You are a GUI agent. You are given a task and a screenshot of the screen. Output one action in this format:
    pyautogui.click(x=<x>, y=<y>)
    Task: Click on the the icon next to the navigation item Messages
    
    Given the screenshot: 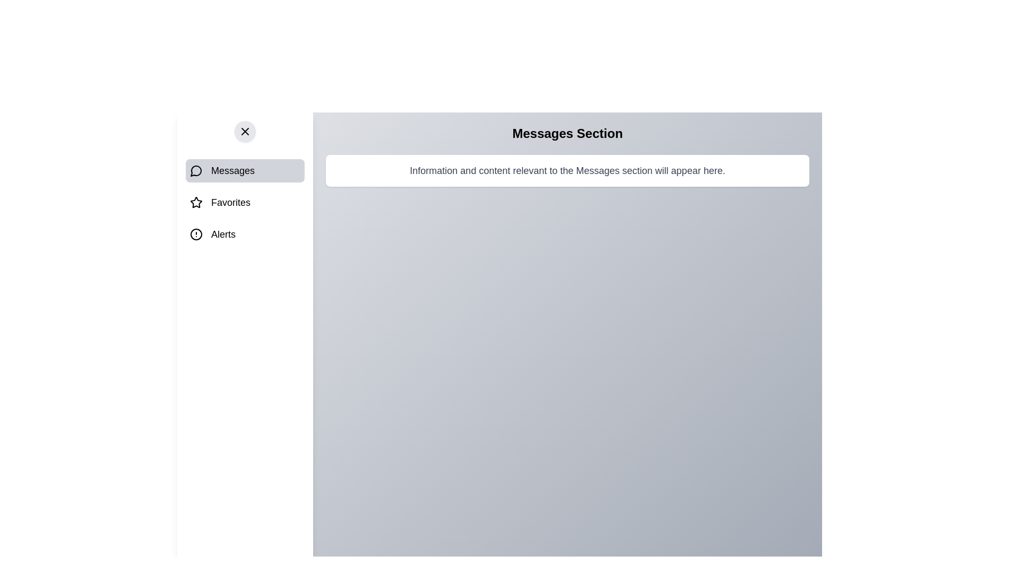 What is the action you would take?
    pyautogui.click(x=196, y=170)
    